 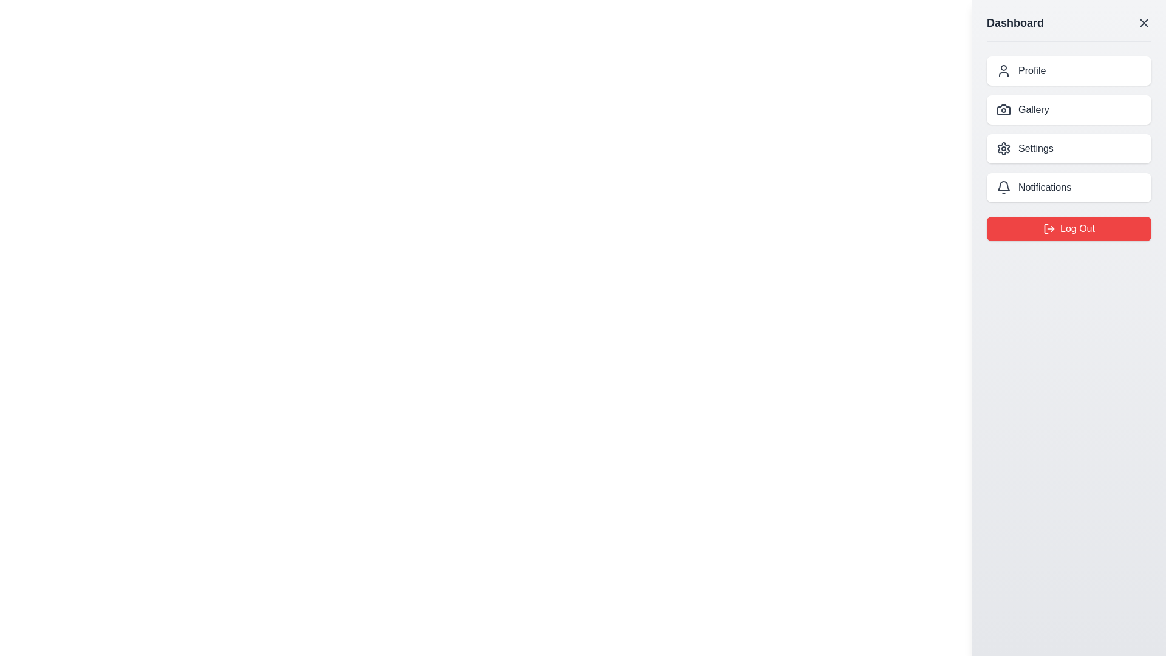 I want to click on the leading icon of the 'Log Out' button, so click(x=1049, y=229).